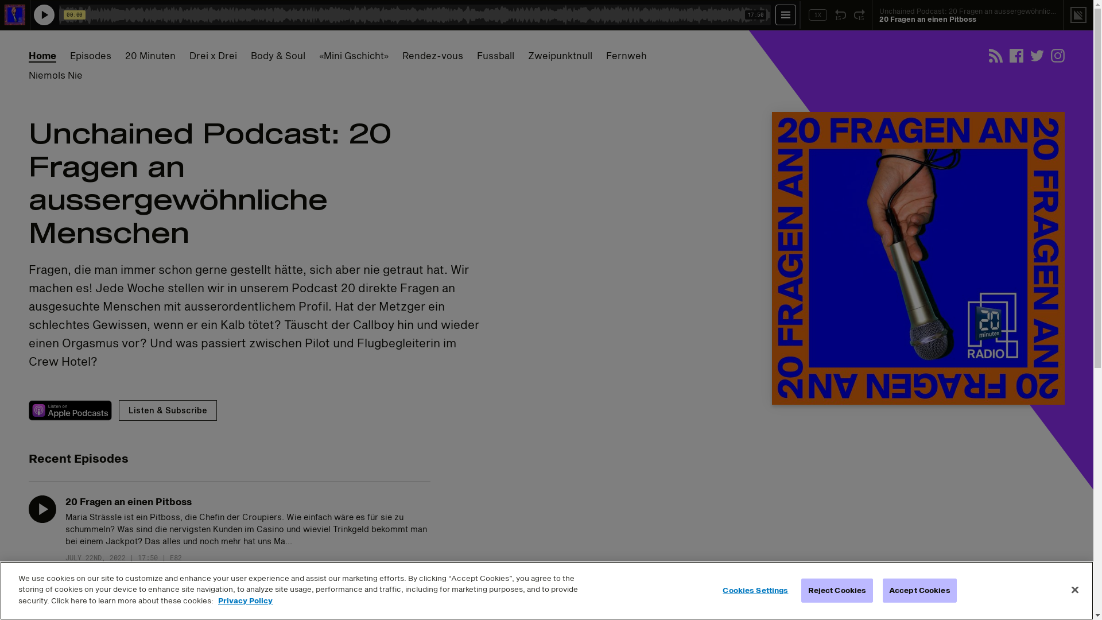  What do you see at coordinates (919, 591) in the screenshot?
I see `'Accept Cookies'` at bounding box center [919, 591].